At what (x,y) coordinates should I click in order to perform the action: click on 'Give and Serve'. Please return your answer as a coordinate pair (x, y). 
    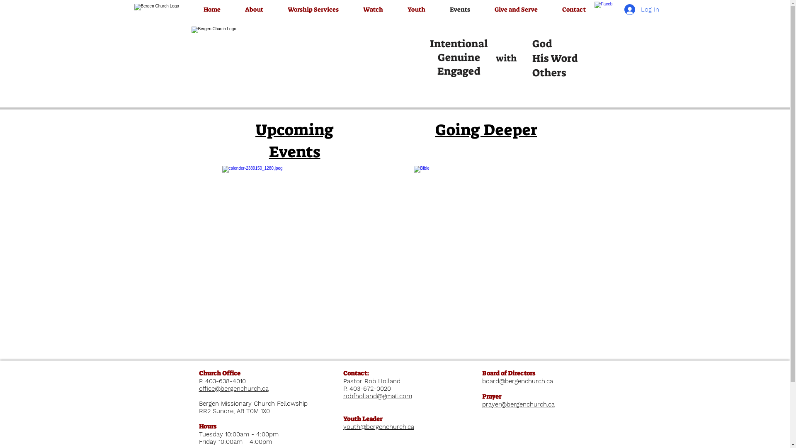
    Looking at the image, I should click on (516, 10).